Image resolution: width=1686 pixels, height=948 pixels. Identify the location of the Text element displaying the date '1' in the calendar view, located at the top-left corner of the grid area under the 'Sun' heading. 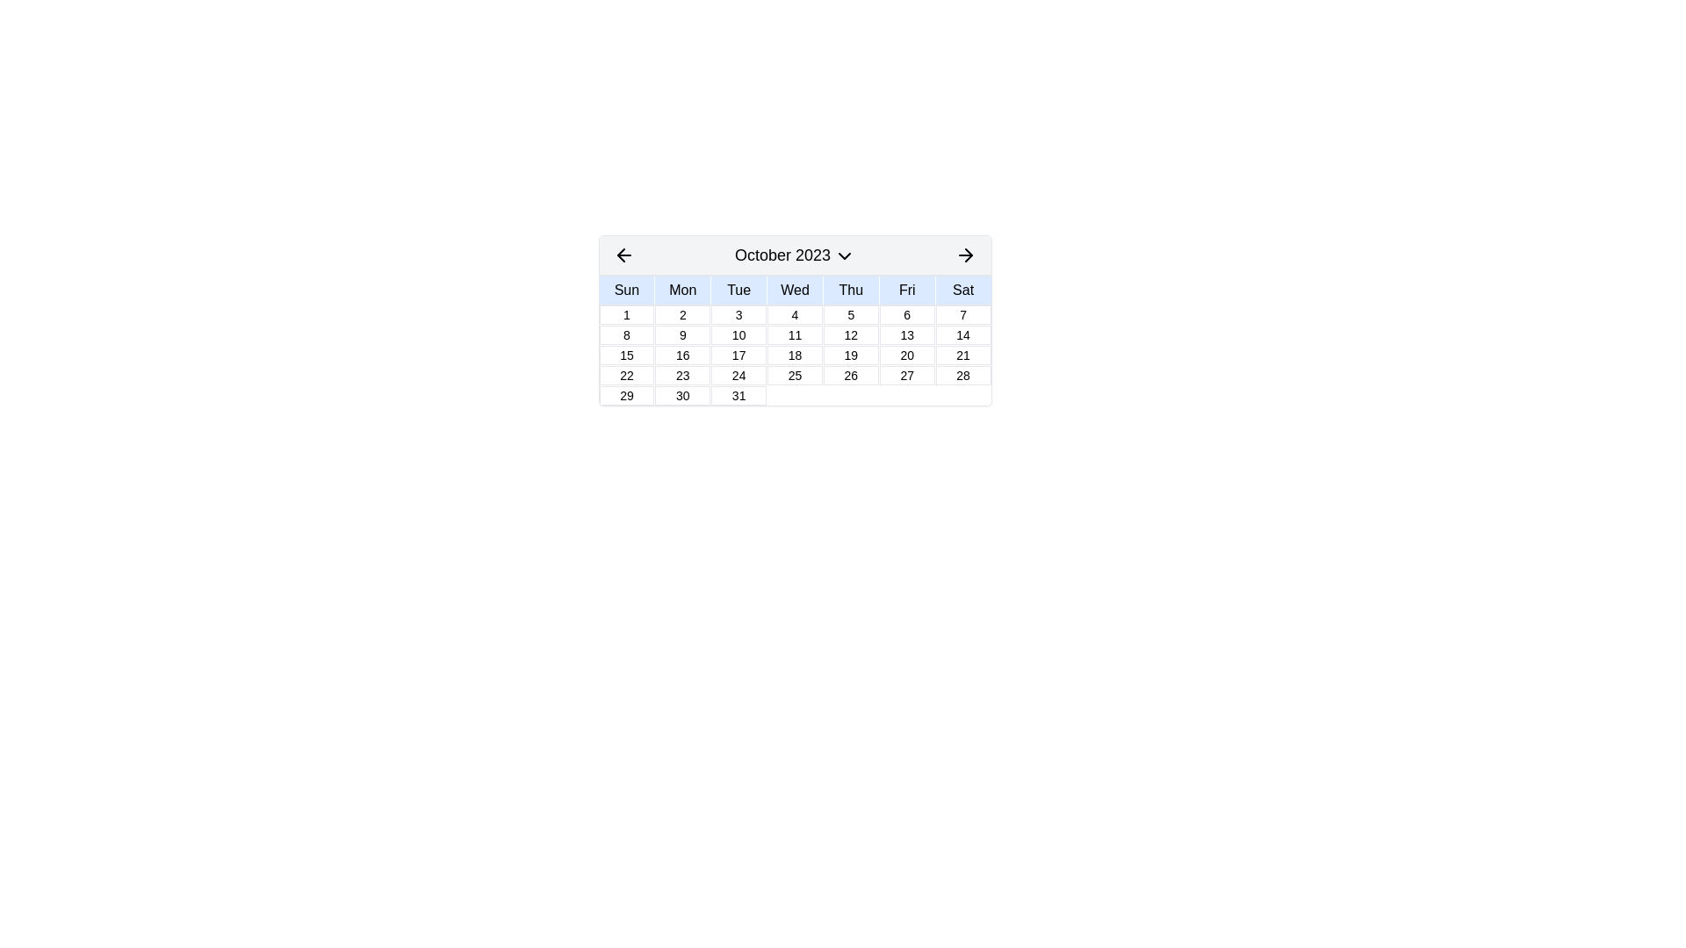
(626, 313).